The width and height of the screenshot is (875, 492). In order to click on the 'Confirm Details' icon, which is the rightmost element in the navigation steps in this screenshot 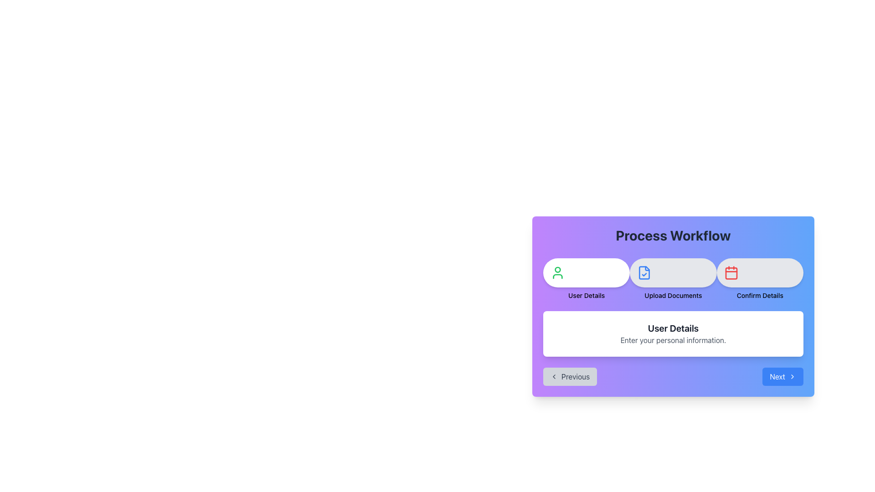, I will do `click(731, 272)`.